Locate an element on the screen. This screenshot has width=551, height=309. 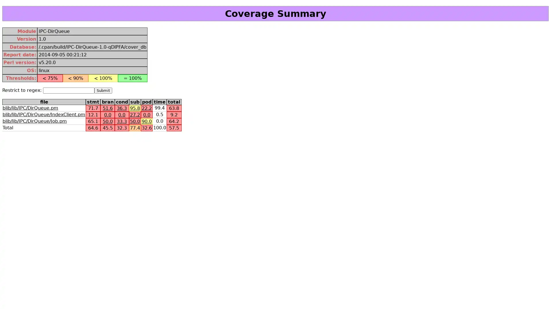
Submit is located at coordinates (103, 90).